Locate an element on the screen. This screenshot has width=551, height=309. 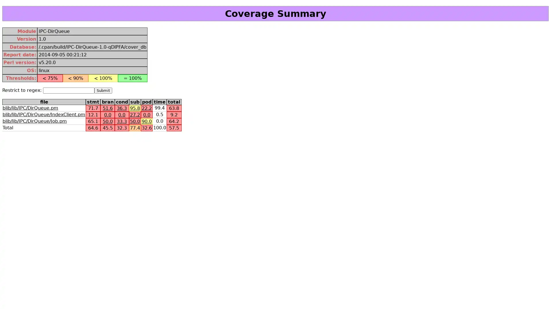
Submit is located at coordinates (103, 90).